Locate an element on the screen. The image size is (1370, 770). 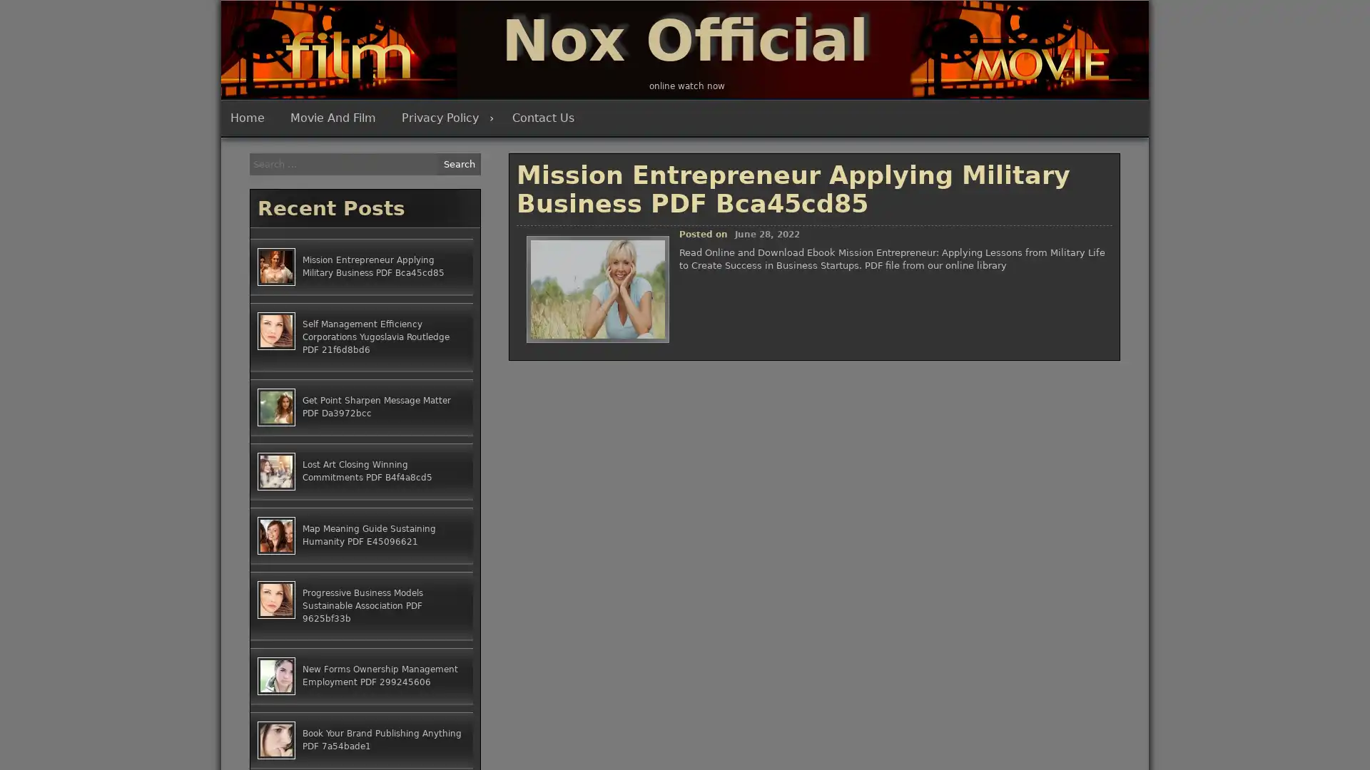
Search is located at coordinates (459, 163).